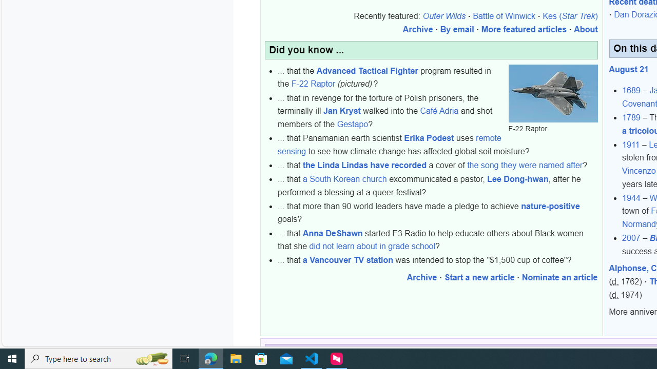 This screenshot has width=657, height=369. Describe the element at coordinates (525, 165) in the screenshot. I see `'the song they were named after'` at that location.